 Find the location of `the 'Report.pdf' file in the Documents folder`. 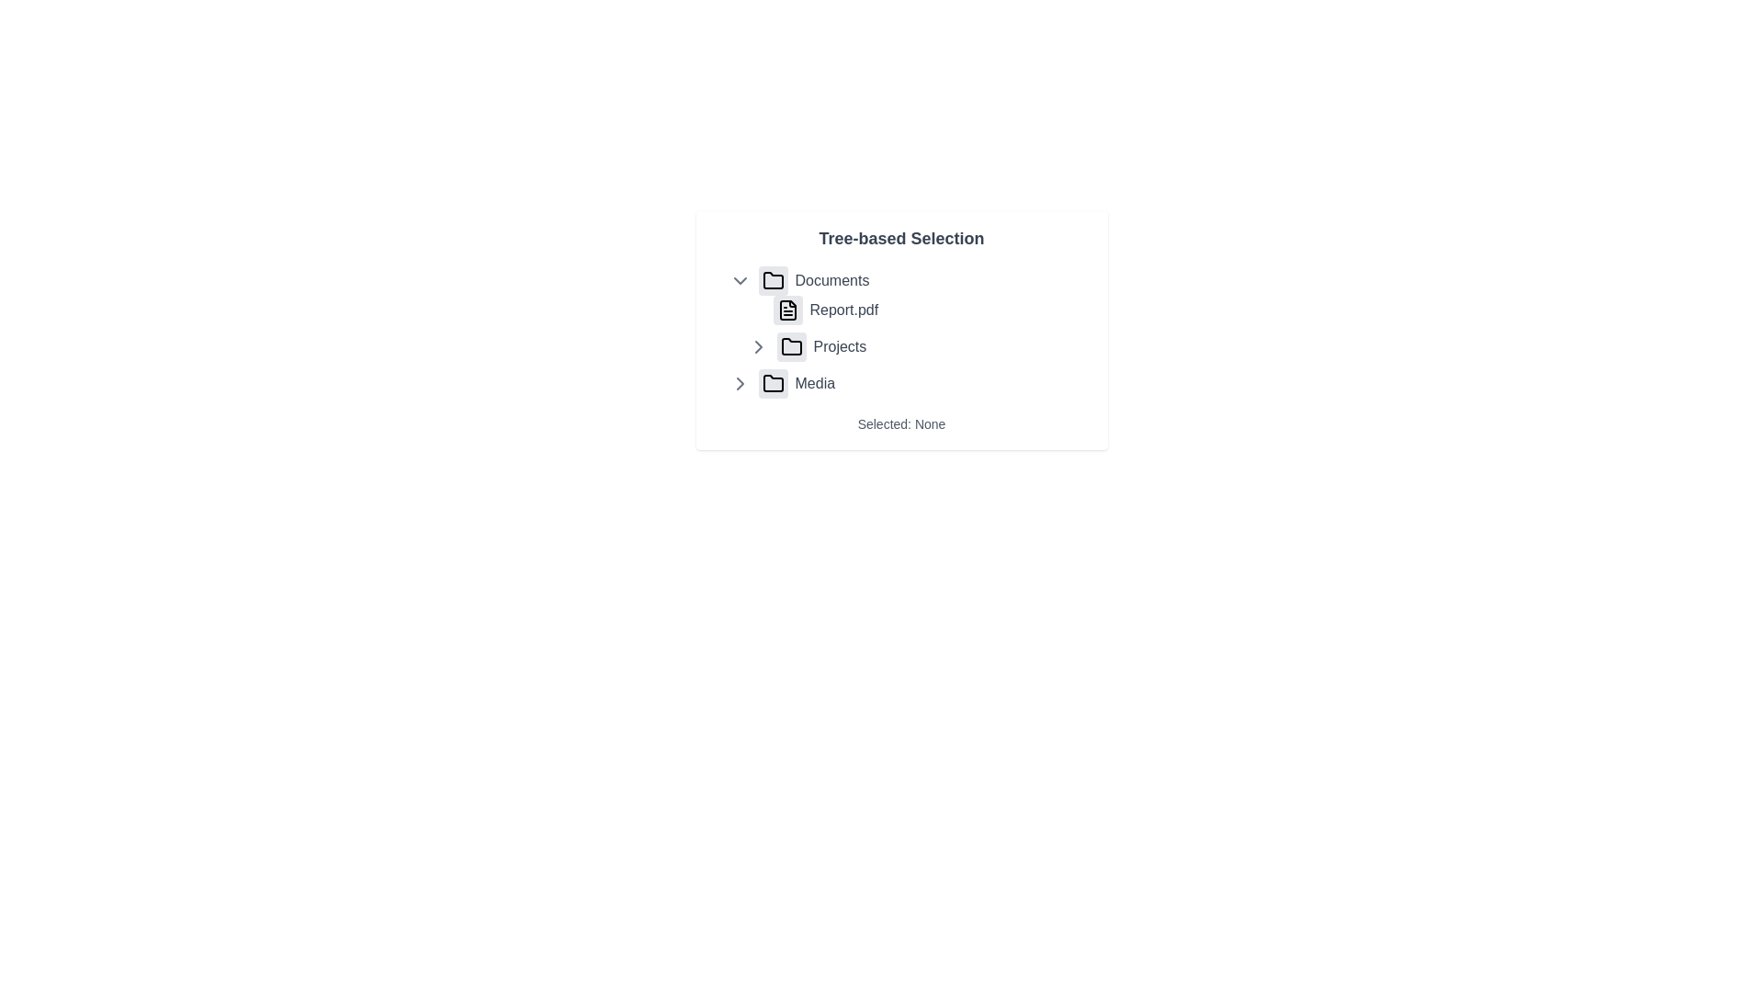

the 'Report.pdf' file in the Documents folder is located at coordinates (910, 313).